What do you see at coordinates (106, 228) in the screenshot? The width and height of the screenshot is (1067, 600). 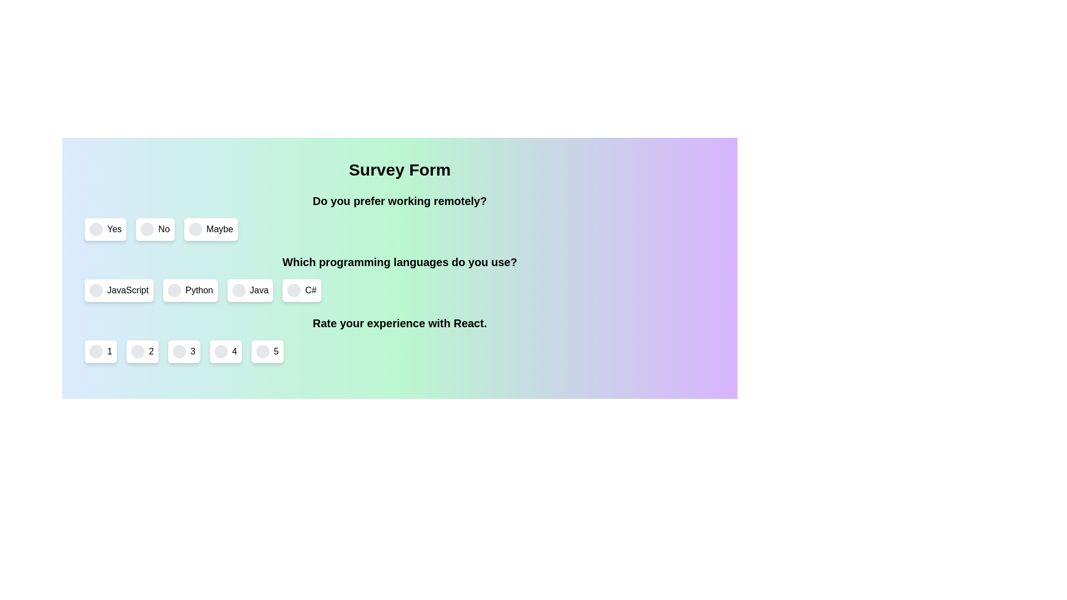 I see `the first selectable button labeled 'Yes'` at bounding box center [106, 228].